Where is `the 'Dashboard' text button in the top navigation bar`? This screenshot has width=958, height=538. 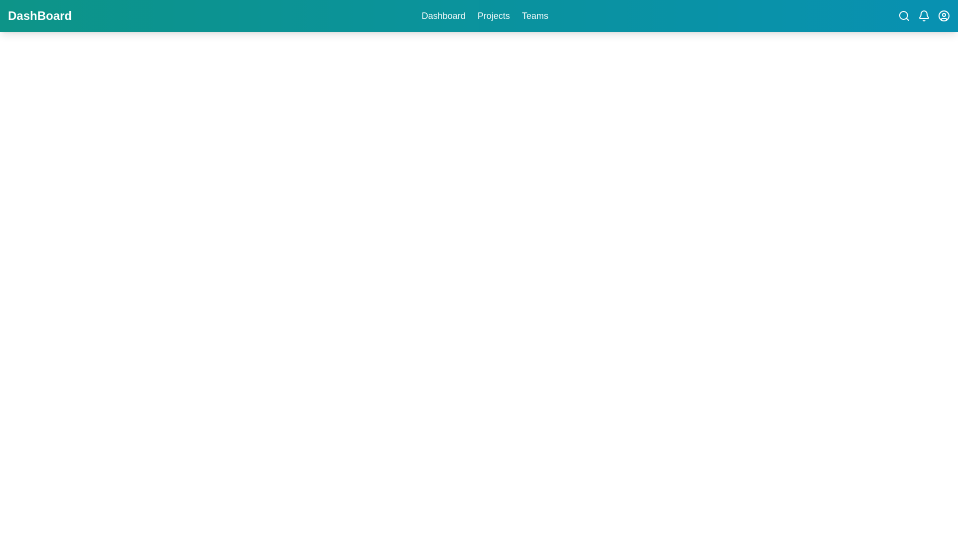 the 'Dashboard' text button in the top navigation bar is located at coordinates (443, 15).